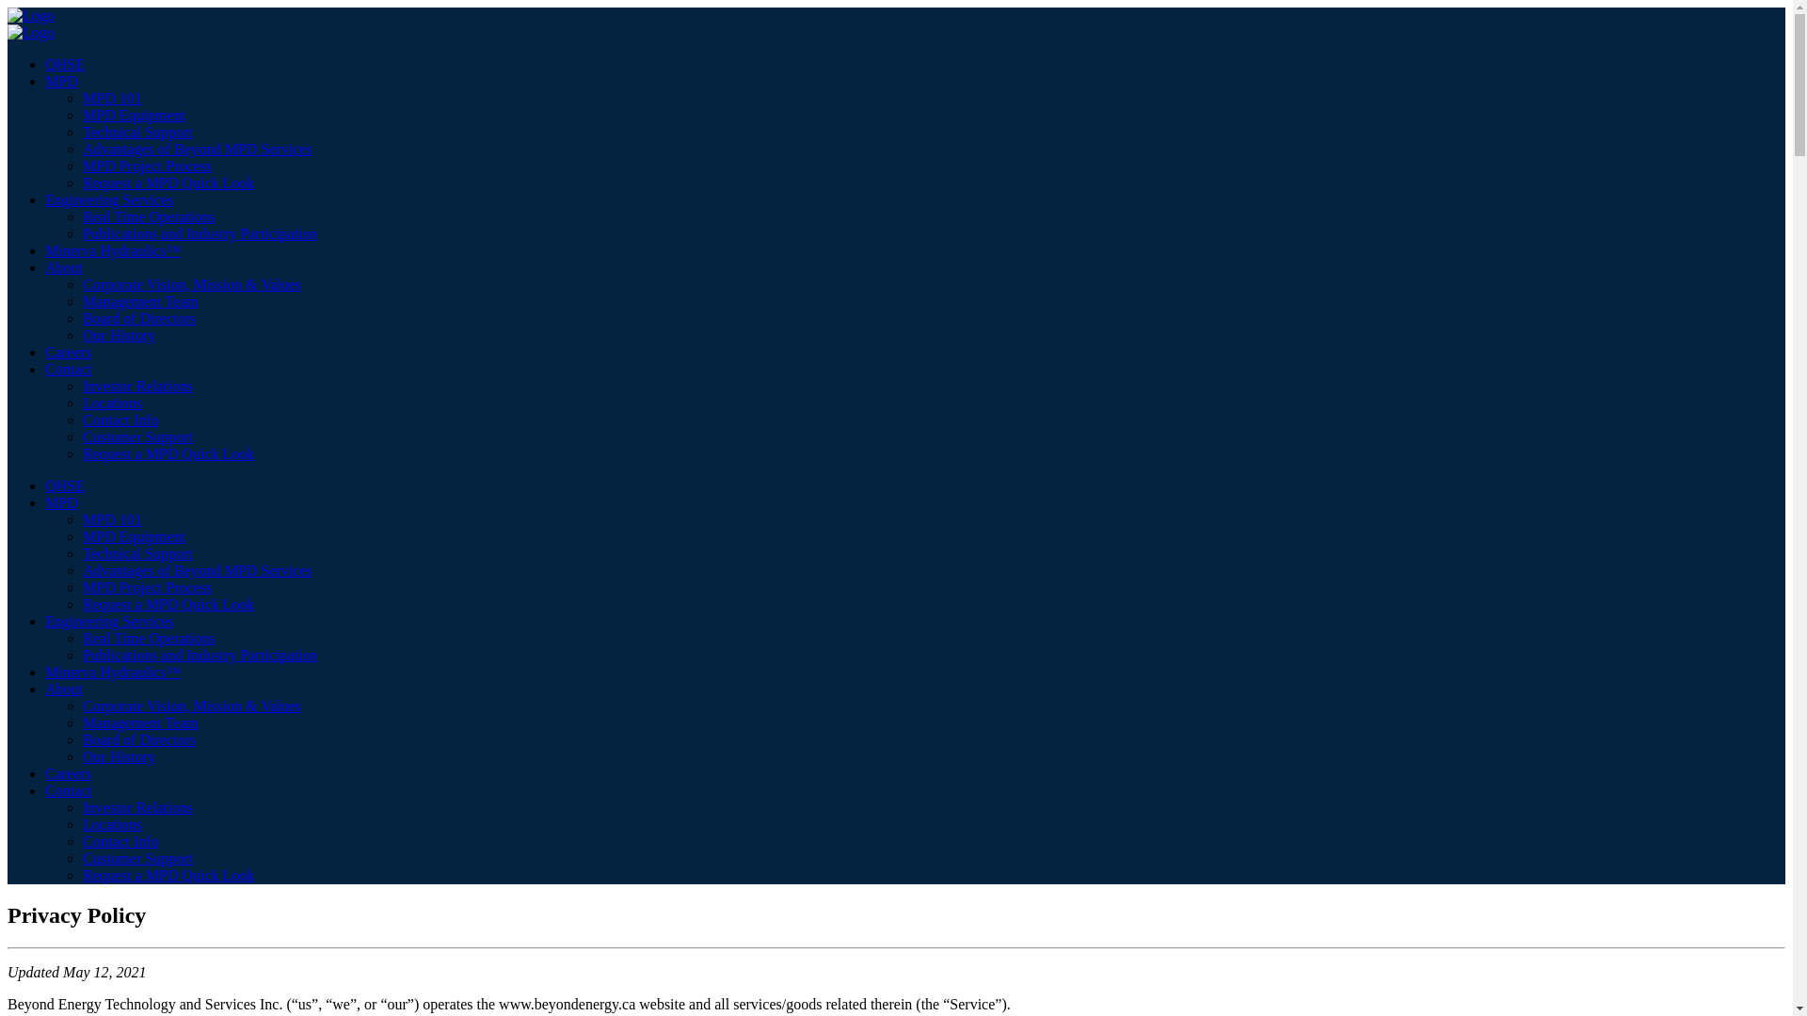 The height and width of the screenshot is (1016, 1807). I want to click on 'Locations', so click(111, 402).